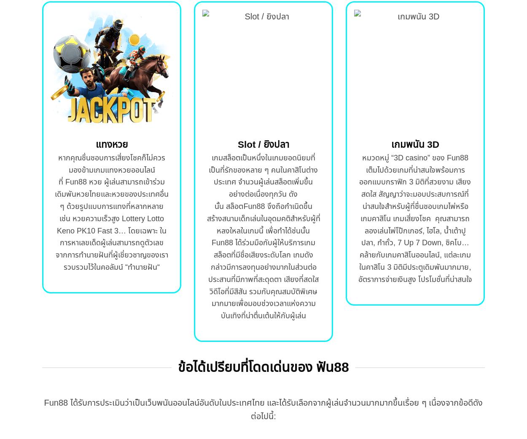 The width and height of the screenshot is (527, 439). I want to click on 'Fun88 ได้รับการประเมินว่าเป็นเว็บพนันออนไลน์อันดับในประเทศไทย และได้รับเลือกจากผู้เล่นจำนวนมากมากขึ้นเรื่อย ๆ เนื่องจากข้อดีดังต่อไปนี้:', so click(43, 409).